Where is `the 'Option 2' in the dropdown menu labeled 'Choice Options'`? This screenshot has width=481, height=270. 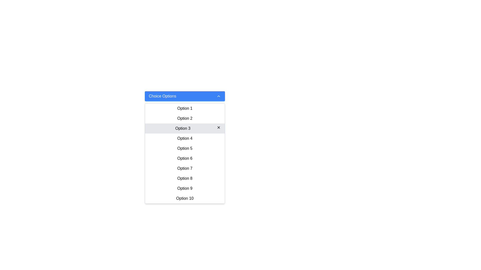 the 'Option 2' in the dropdown menu labeled 'Choice Options' is located at coordinates (185, 118).